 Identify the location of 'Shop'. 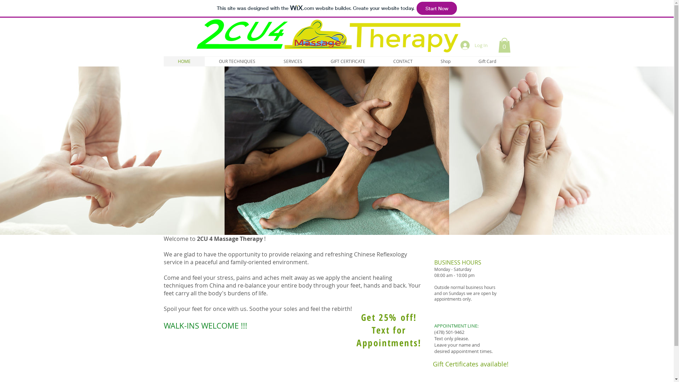
(445, 61).